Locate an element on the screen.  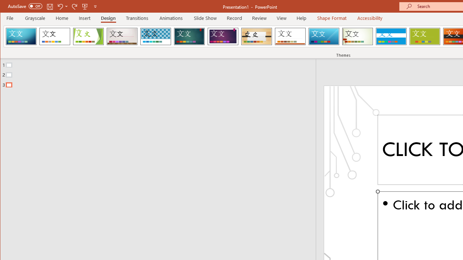
'Wisp' is located at coordinates (357, 36).